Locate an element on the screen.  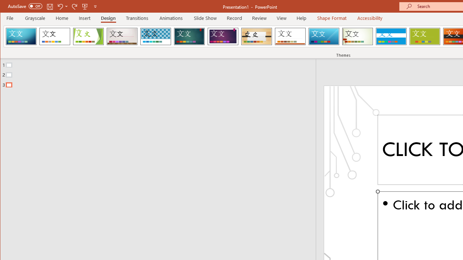
'Wisp' is located at coordinates (357, 36).